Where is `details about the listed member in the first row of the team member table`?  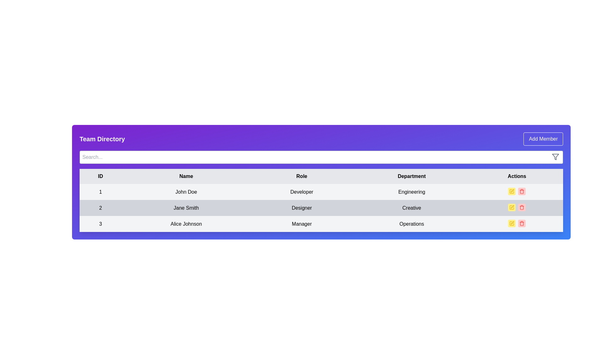 details about the listed member in the first row of the team member table is located at coordinates (321, 191).